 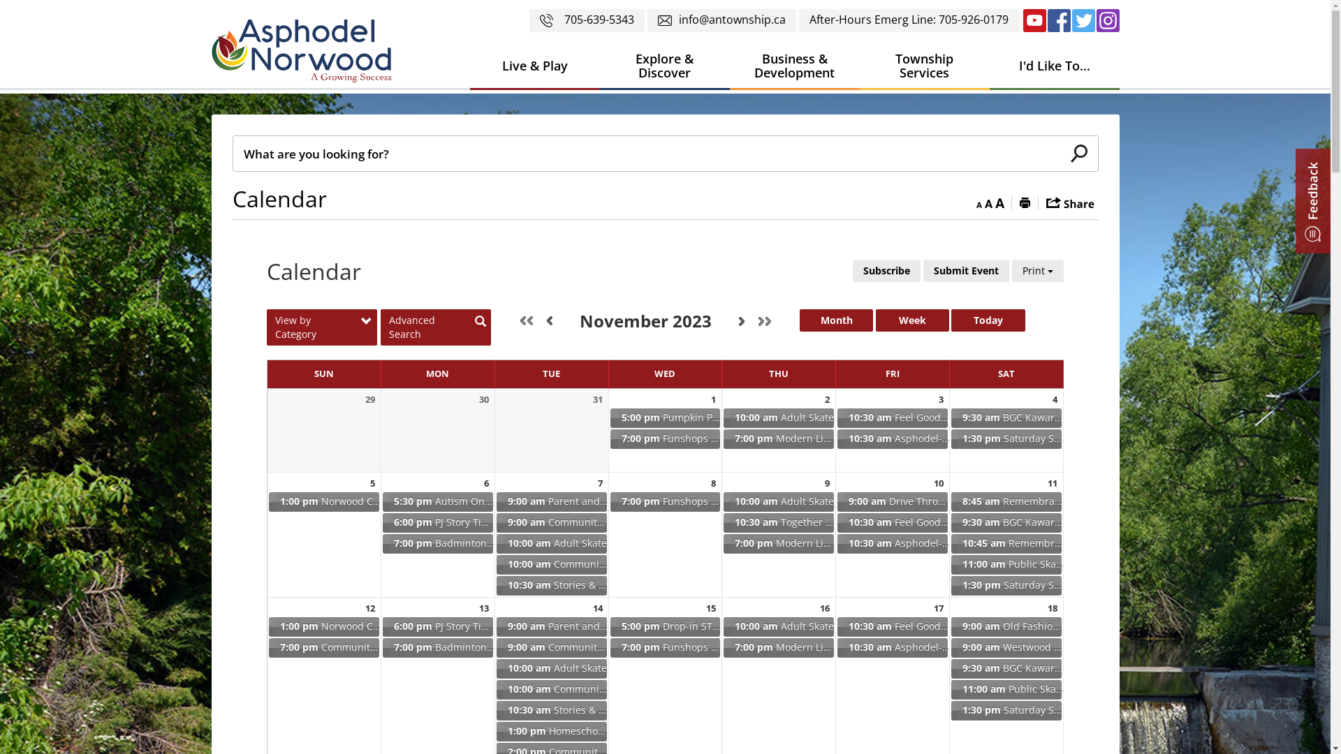 What do you see at coordinates (1025, 202) in the screenshot?
I see `'Print This Page'` at bounding box center [1025, 202].